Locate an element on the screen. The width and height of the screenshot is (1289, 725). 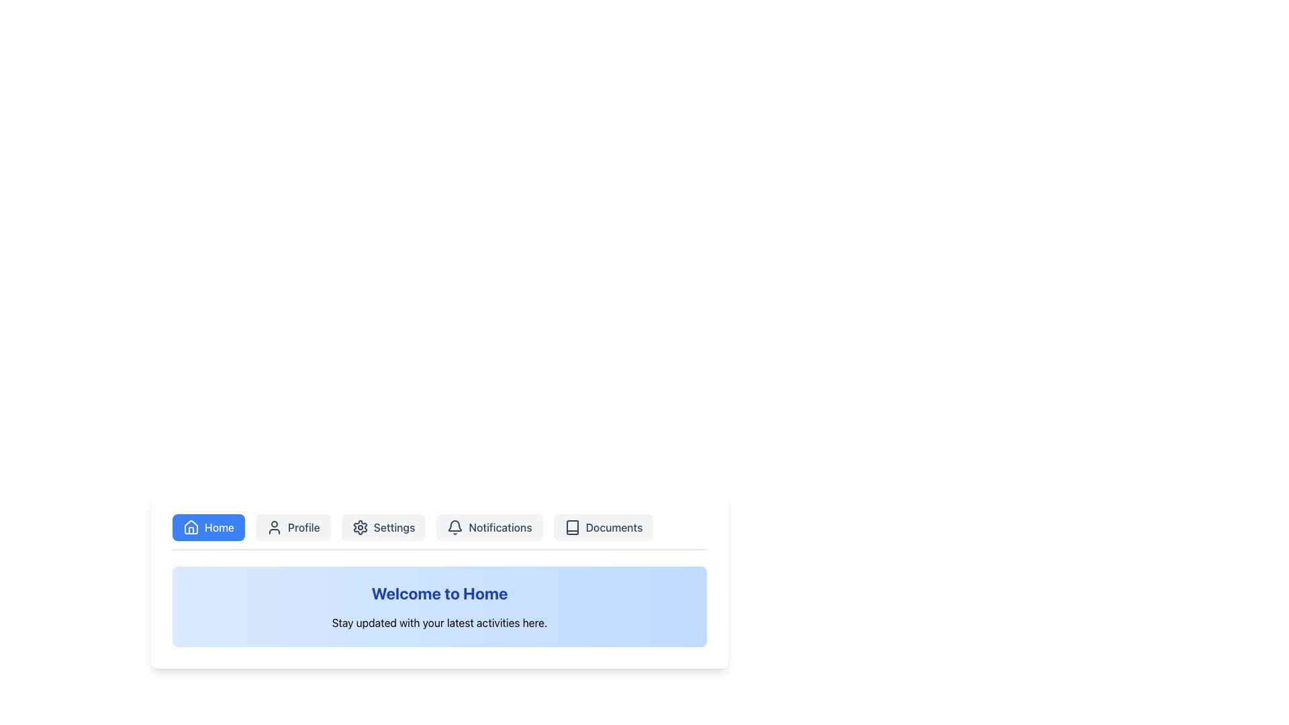
the SVG icon resembling a book, which is located inside the 'Documents' button on the far right of the top navigation bar is located at coordinates (572, 527).